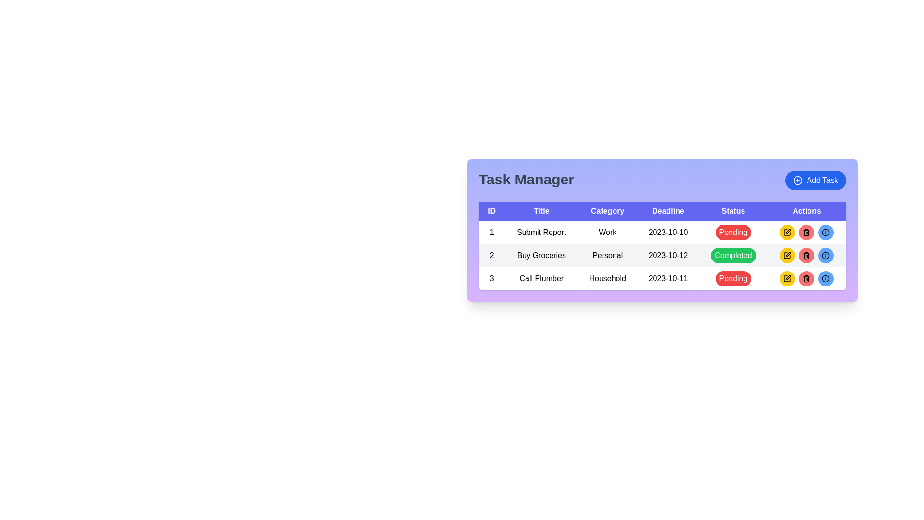  Describe the element at coordinates (807, 232) in the screenshot. I see `the Trash Icon Button in the Actions column of the third row corresponding to the task 'Call Plumber'` at that location.